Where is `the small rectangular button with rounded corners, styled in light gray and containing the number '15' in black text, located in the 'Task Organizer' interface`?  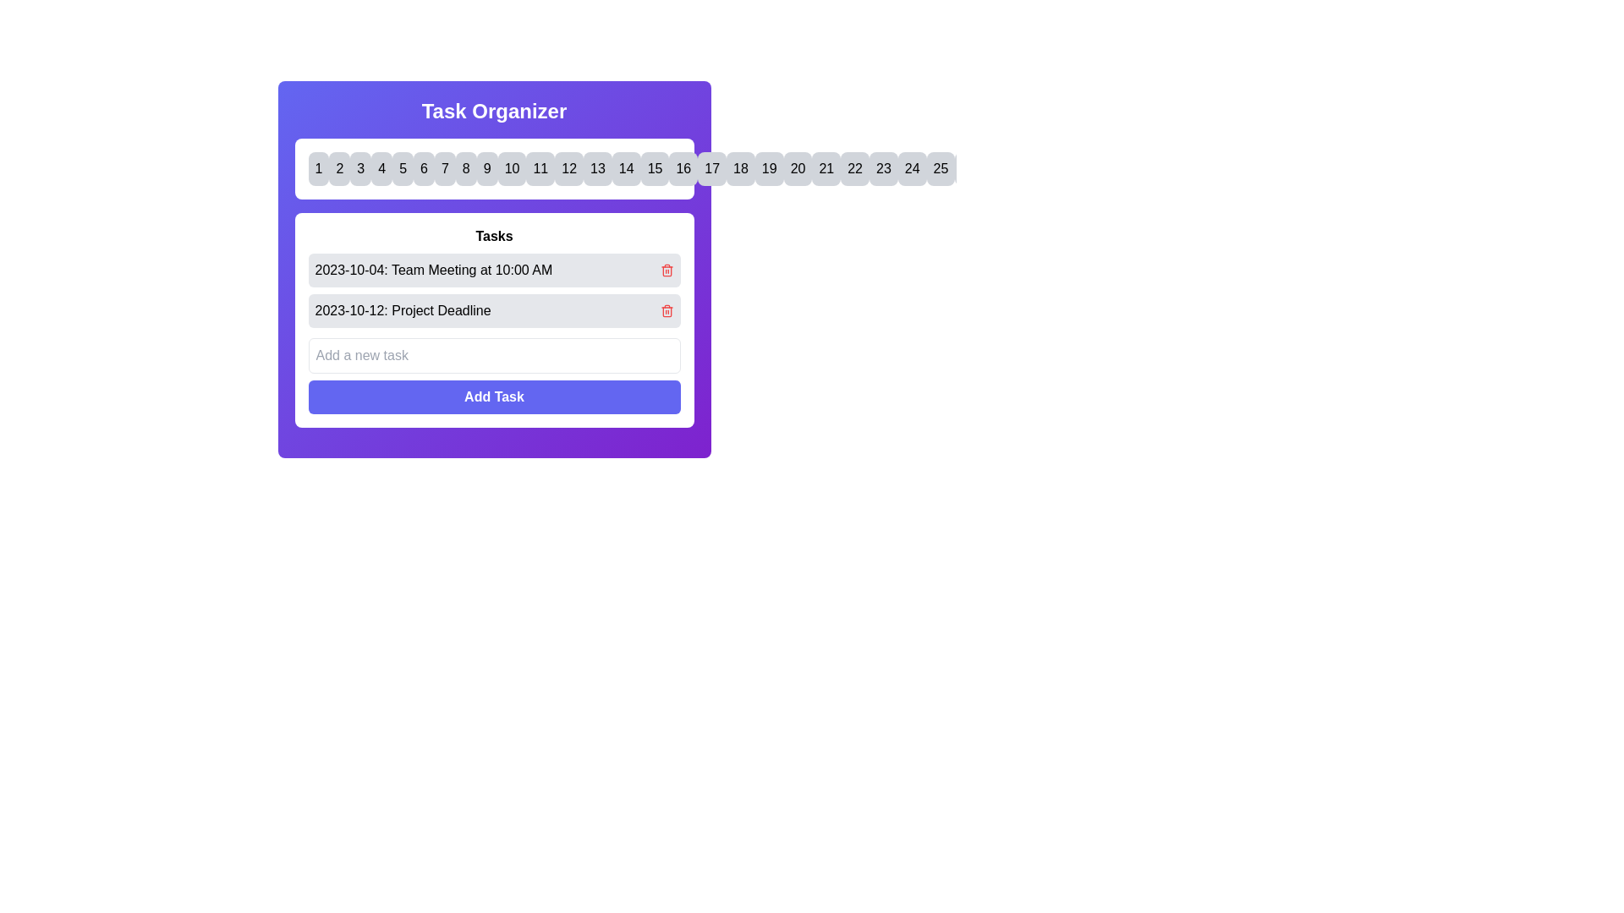
the small rectangular button with rounded corners, styled in light gray and containing the number '15' in black text, located in the 'Task Organizer' interface is located at coordinates (654, 169).